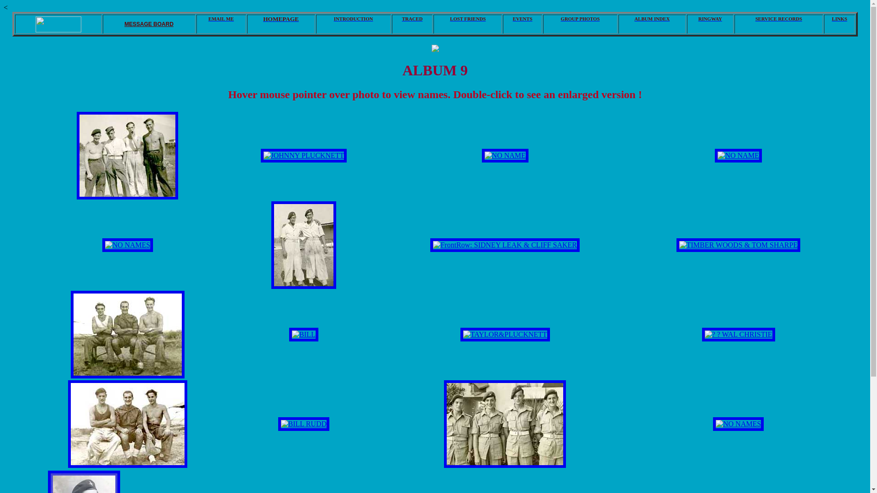 This screenshot has width=877, height=493. I want to click on 'LOST FRIENDS', so click(433, 19).